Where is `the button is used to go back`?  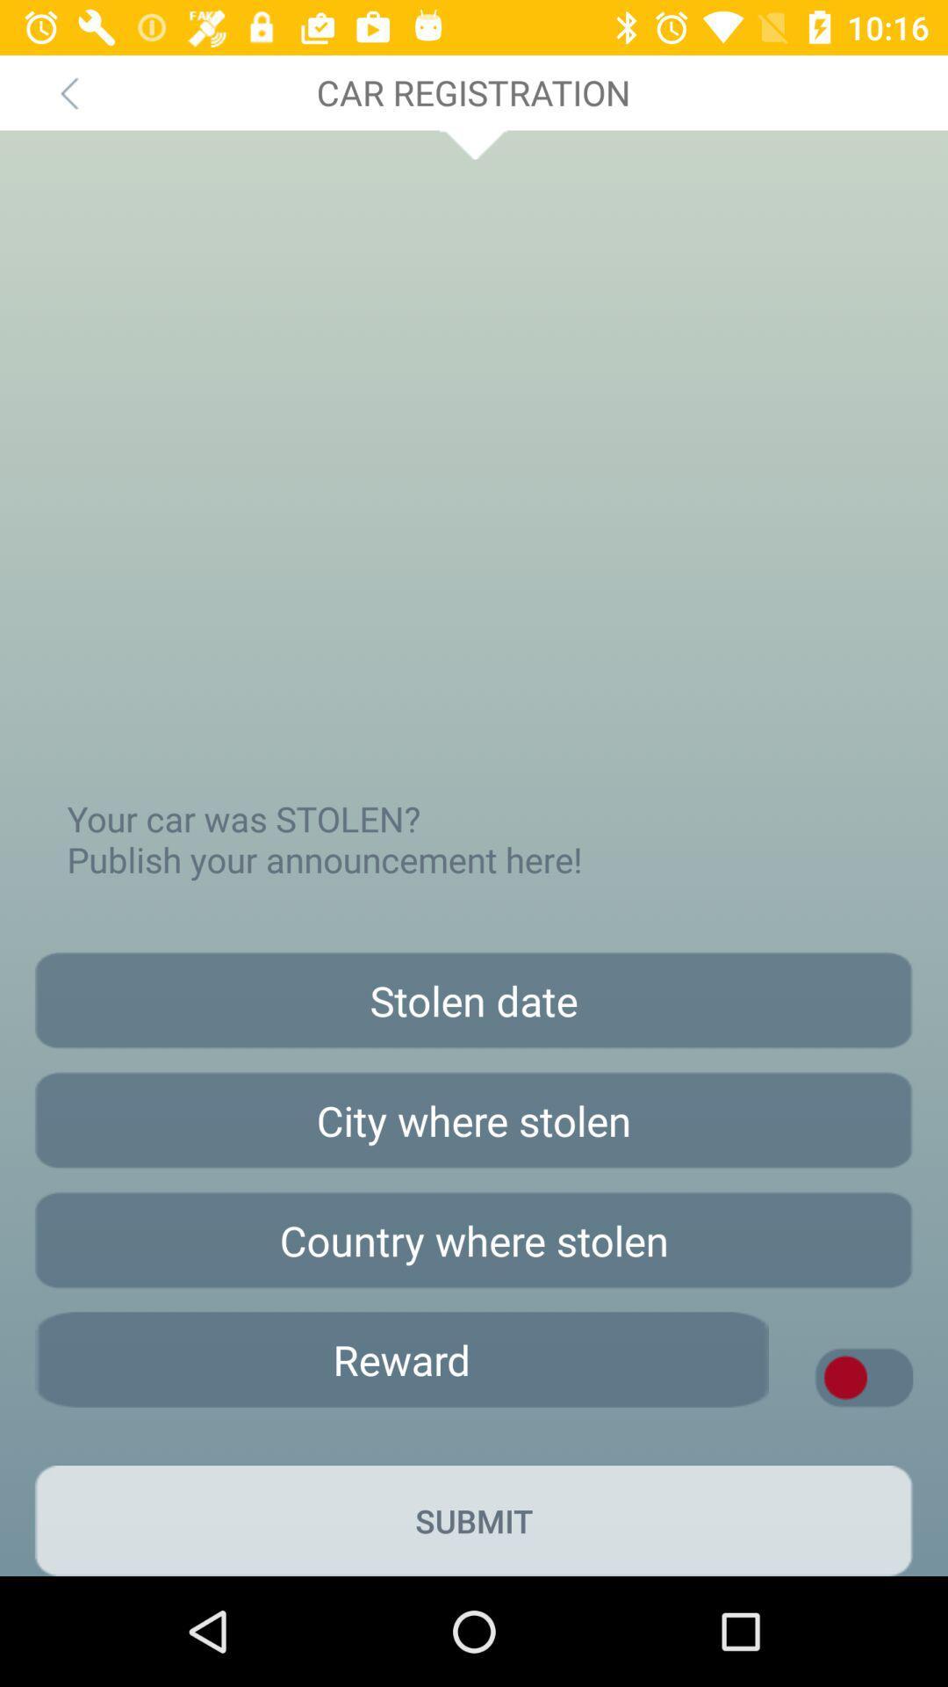 the button is used to go back is located at coordinates (68, 91).